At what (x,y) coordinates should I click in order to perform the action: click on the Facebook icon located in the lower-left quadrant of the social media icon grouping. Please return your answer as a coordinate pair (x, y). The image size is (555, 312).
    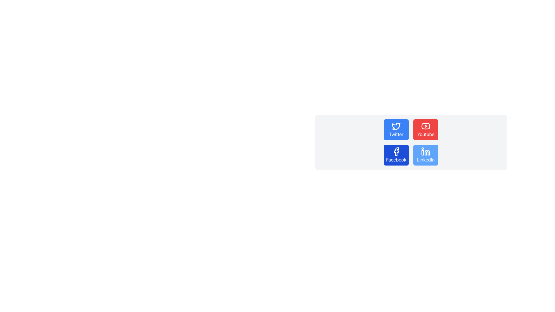
    Looking at the image, I should click on (396, 151).